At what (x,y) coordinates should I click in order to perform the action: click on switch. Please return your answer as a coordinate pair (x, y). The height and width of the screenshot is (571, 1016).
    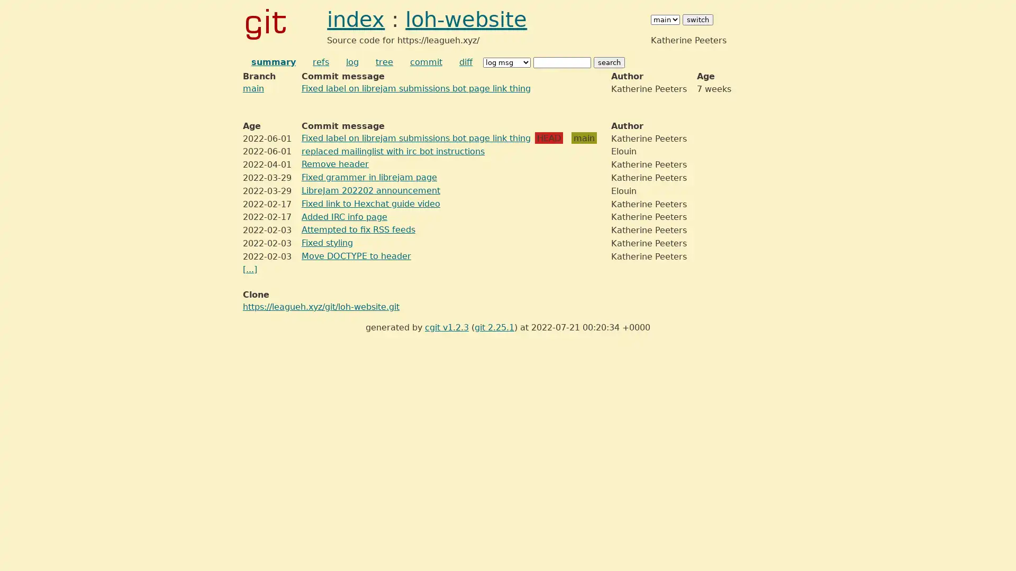
    Looking at the image, I should click on (698, 19).